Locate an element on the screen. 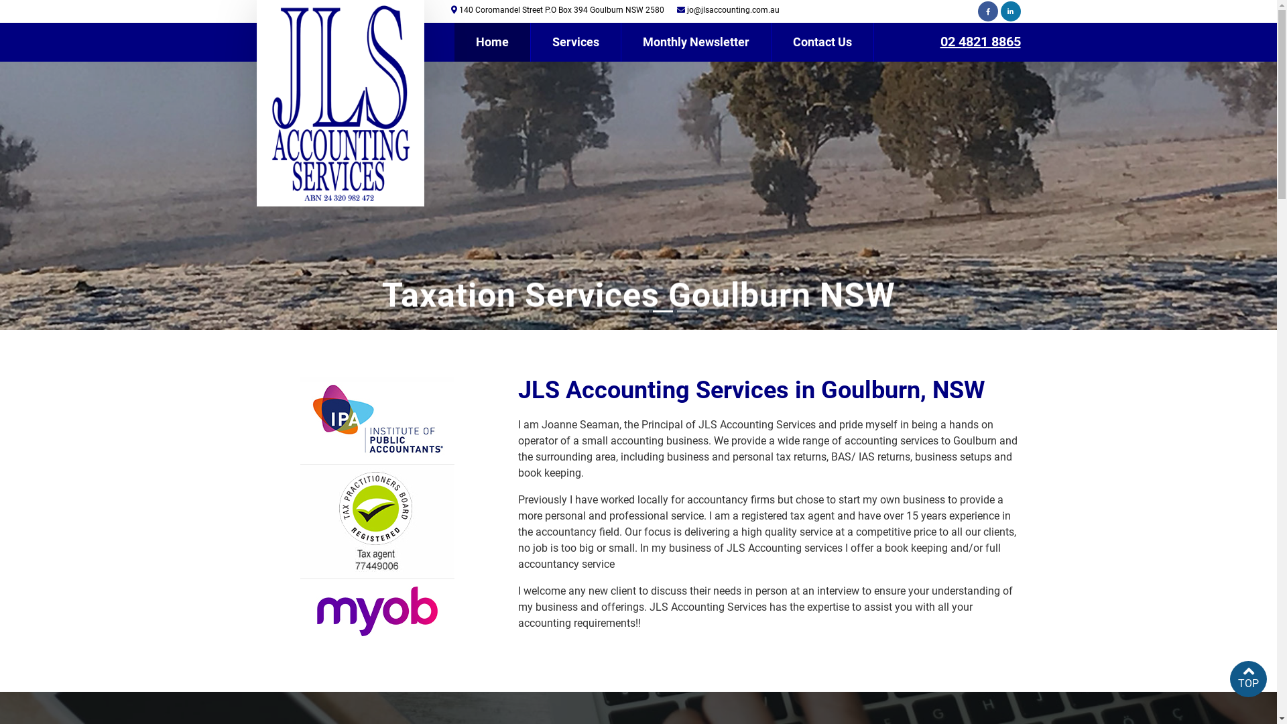 This screenshot has width=1287, height=724. '02 4821 8865' is located at coordinates (980, 40).